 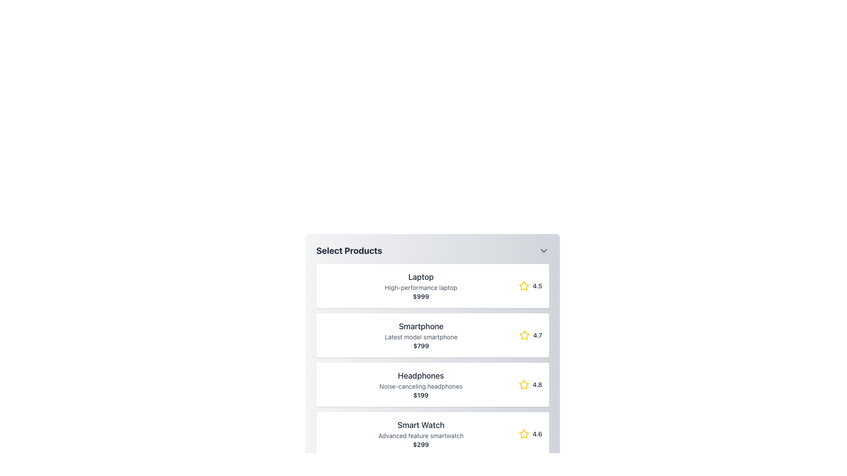 What do you see at coordinates (524, 433) in the screenshot?
I see `the star icon representing the rating for the 'Smart Watch' product, which is located to the right of the product title, subtitle, and price` at bounding box center [524, 433].